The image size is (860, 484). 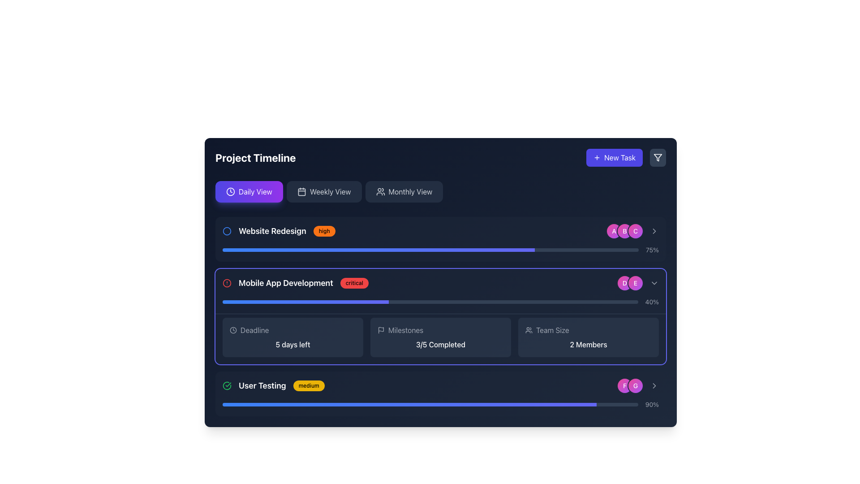 What do you see at coordinates (305, 302) in the screenshot?
I see `the progress bar segment indicating the completion percentage for the 'Mobile App Development' task` at bounding box center [305, 302].